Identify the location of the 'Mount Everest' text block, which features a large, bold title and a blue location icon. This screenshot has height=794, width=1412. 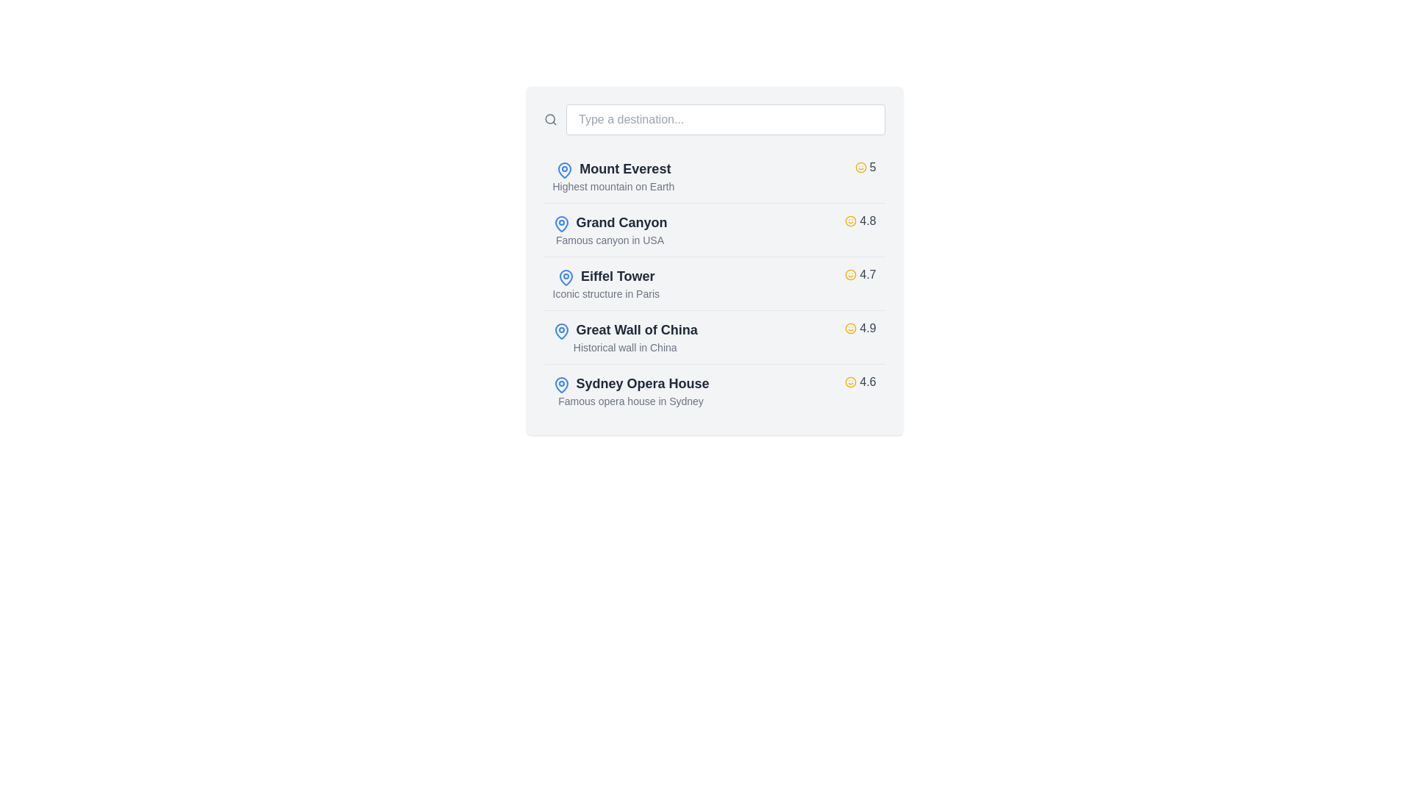
(613, 175).